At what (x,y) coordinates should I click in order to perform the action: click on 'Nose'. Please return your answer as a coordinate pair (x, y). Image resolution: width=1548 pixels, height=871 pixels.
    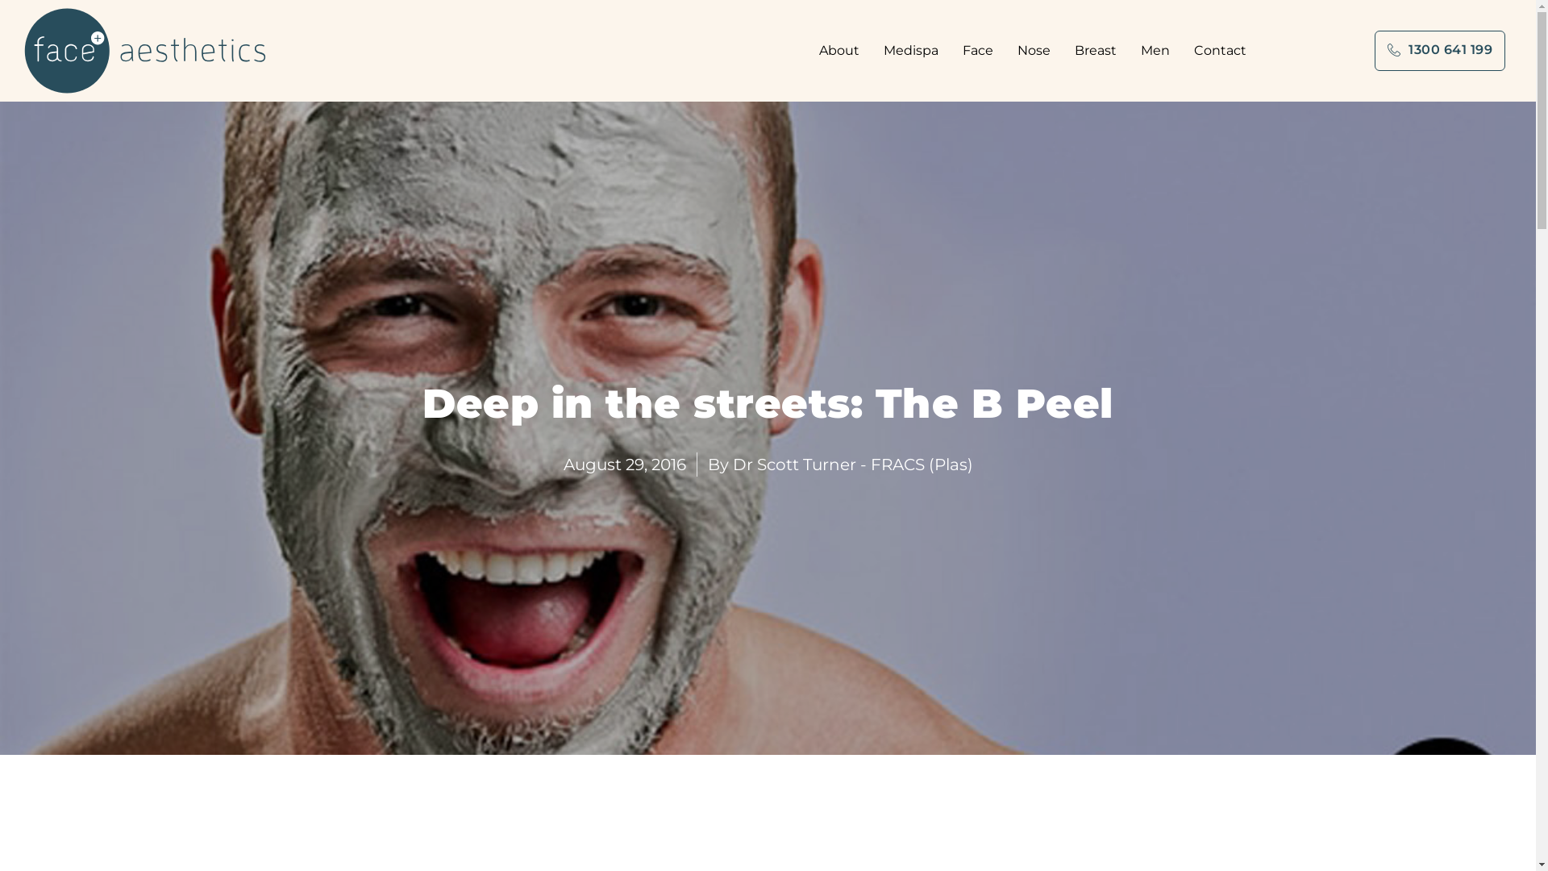
    Looking at the image, I should click on (1038, 49).